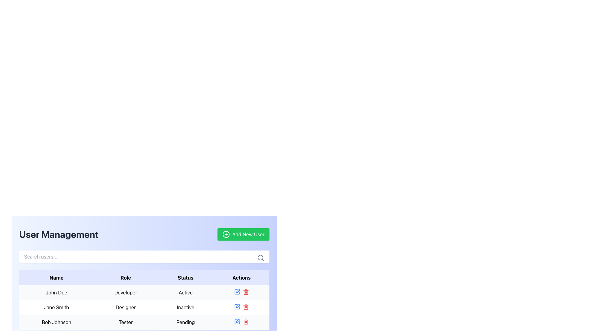  What do you see at coordinates (245, 292) in the screenshot?
I see `the delete icon located in the 'Actions' column of the first row in the user management table` at bounding box center [245, 292].